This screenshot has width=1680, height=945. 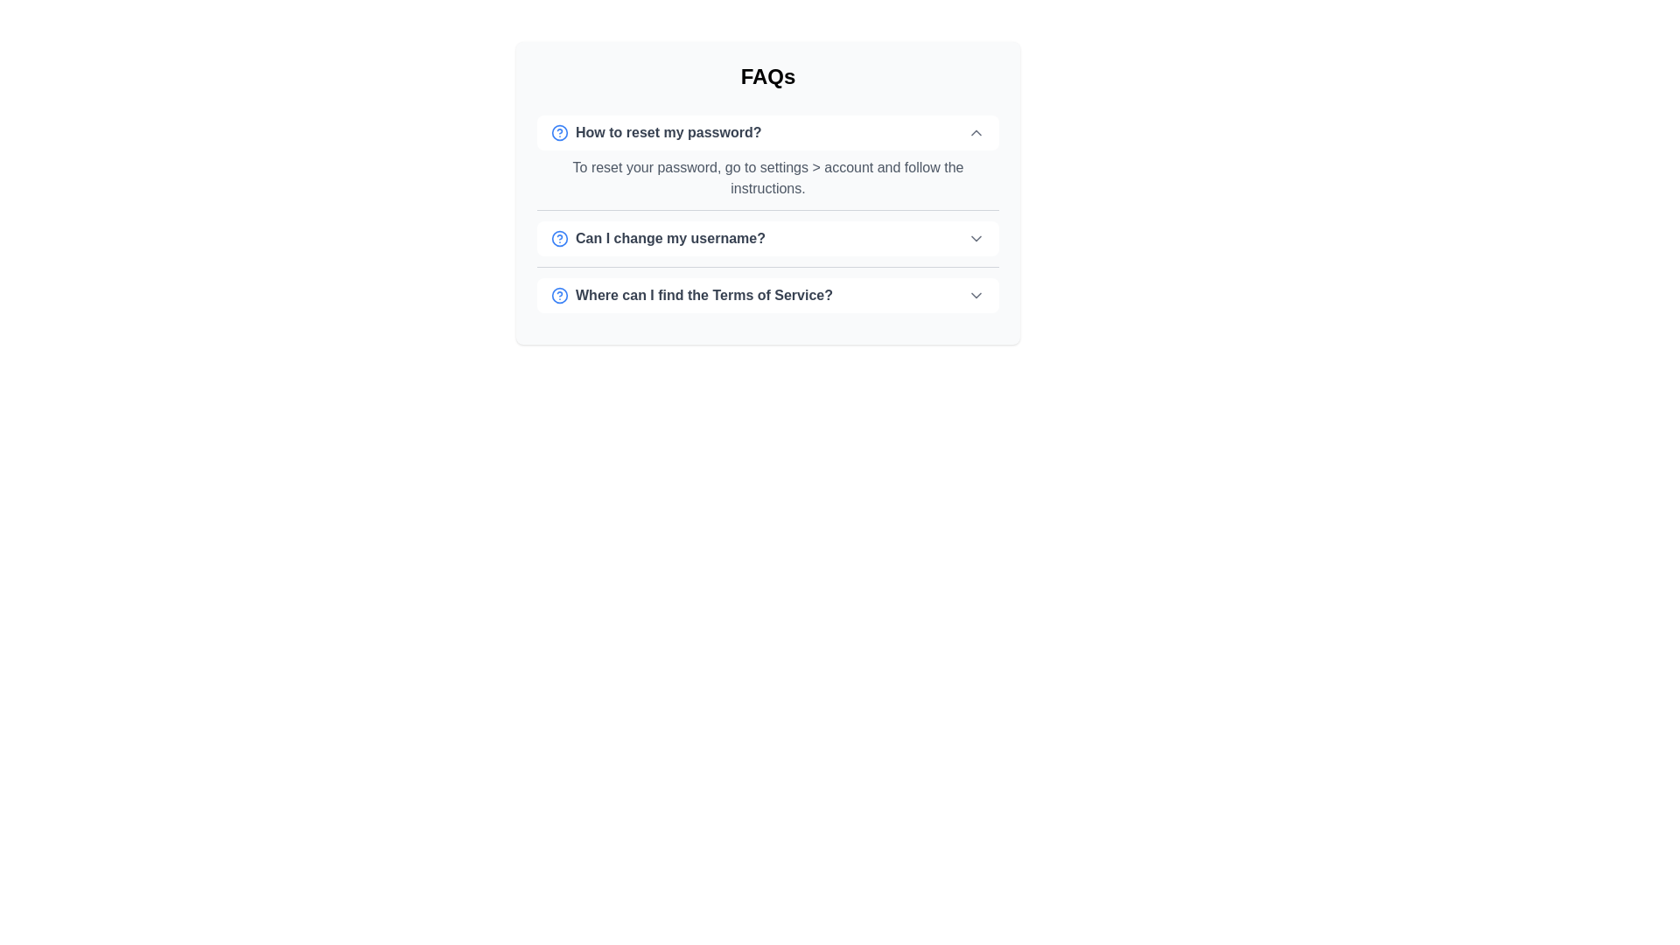 I want to click on the SVG Circle that represents a help-related topic, positioned to the left of the FAQ entry 'How to reset my password?', so click(x=558, y=131).